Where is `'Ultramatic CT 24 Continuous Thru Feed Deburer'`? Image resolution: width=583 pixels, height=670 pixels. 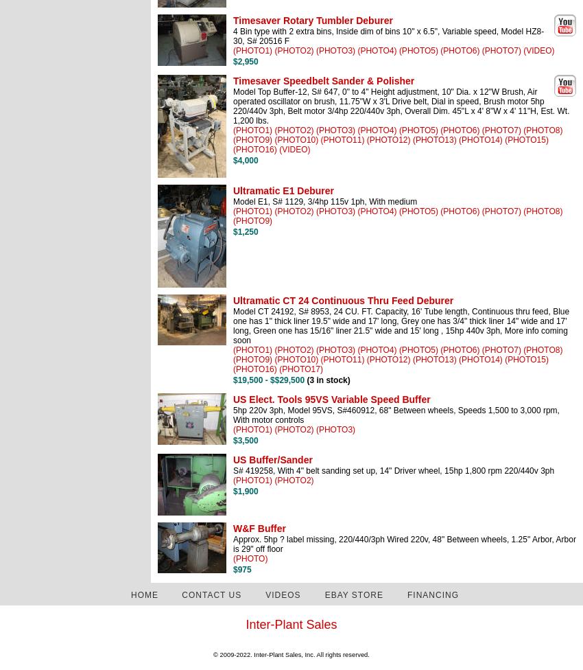
'Ultramatic CT 24 Continuous Thru Feed Deburer' is located at coordinates (343, 300).